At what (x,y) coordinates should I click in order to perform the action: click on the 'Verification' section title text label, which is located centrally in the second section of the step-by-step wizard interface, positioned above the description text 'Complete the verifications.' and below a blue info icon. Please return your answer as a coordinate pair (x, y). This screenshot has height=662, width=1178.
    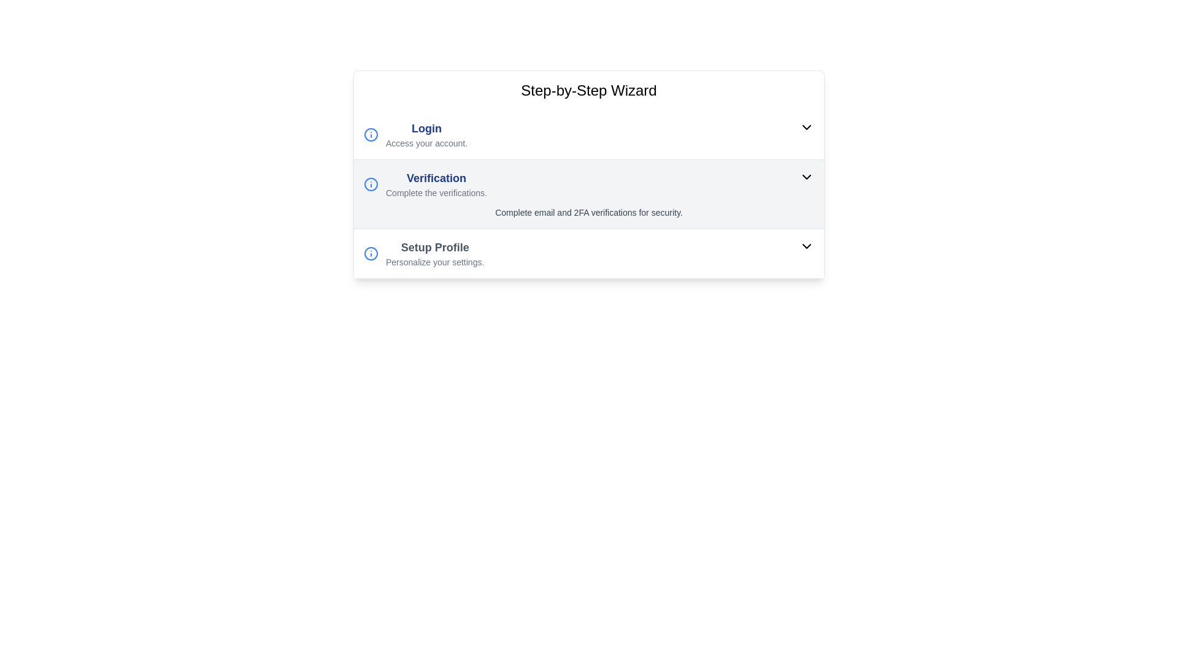
    Looking at the image, I should click on (436, 178).